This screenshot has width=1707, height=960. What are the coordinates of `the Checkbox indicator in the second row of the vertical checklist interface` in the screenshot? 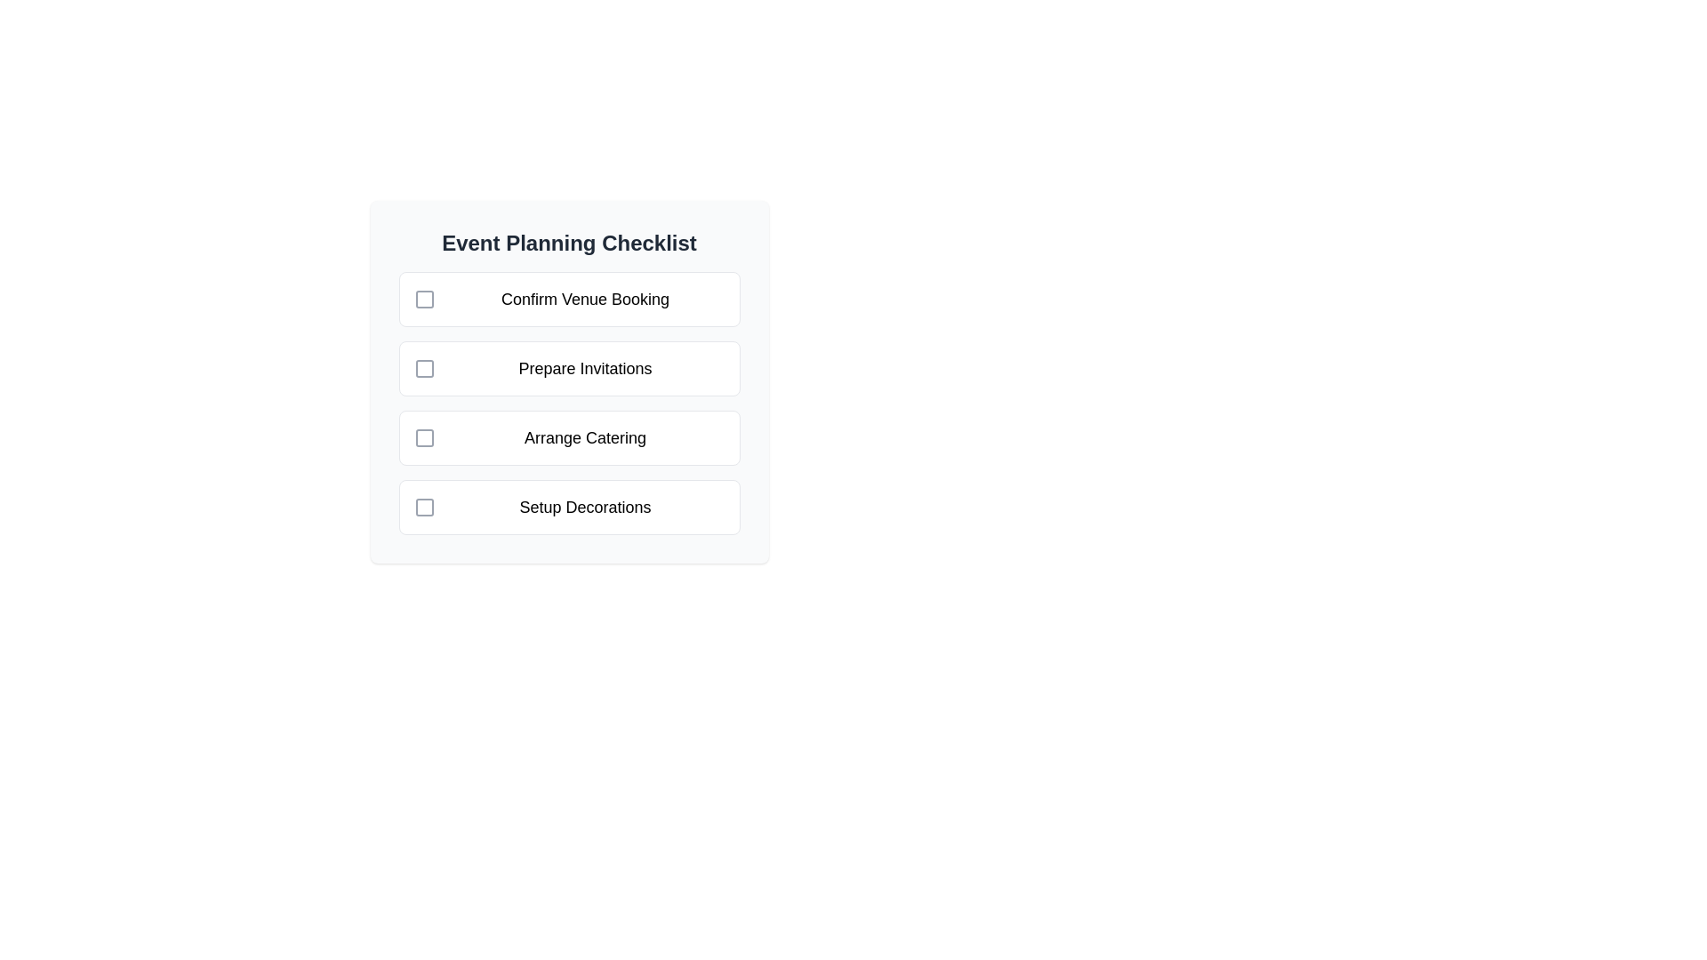 It's located at (423, 368).